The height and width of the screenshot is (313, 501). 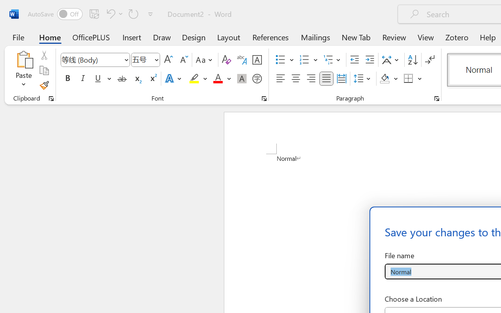 What do you see at coordinates (420, 79) in the screenshot?
I see `'More Options'` at bounding box center [420, 79].